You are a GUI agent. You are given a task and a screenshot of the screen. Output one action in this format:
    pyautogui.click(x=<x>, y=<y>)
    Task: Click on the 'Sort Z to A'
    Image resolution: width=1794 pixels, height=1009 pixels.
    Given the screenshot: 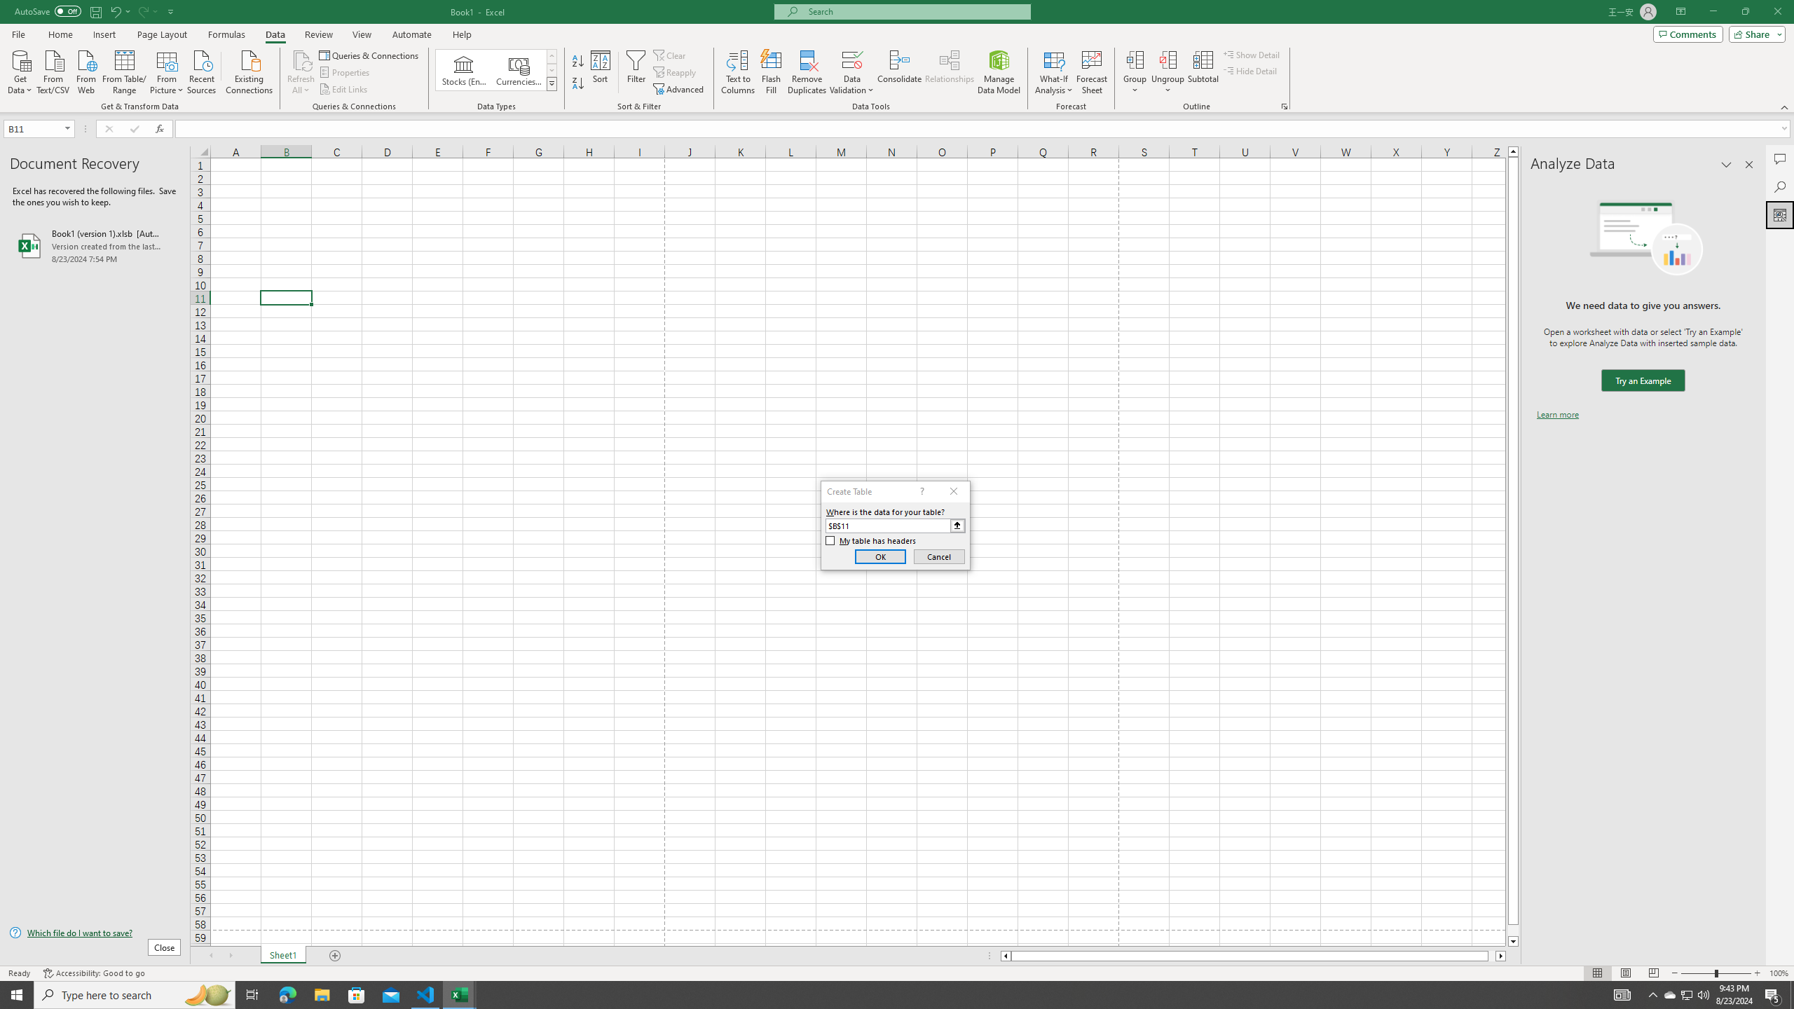 What is the action you would take?
    pyautogui.click(x=577, y=83)
    